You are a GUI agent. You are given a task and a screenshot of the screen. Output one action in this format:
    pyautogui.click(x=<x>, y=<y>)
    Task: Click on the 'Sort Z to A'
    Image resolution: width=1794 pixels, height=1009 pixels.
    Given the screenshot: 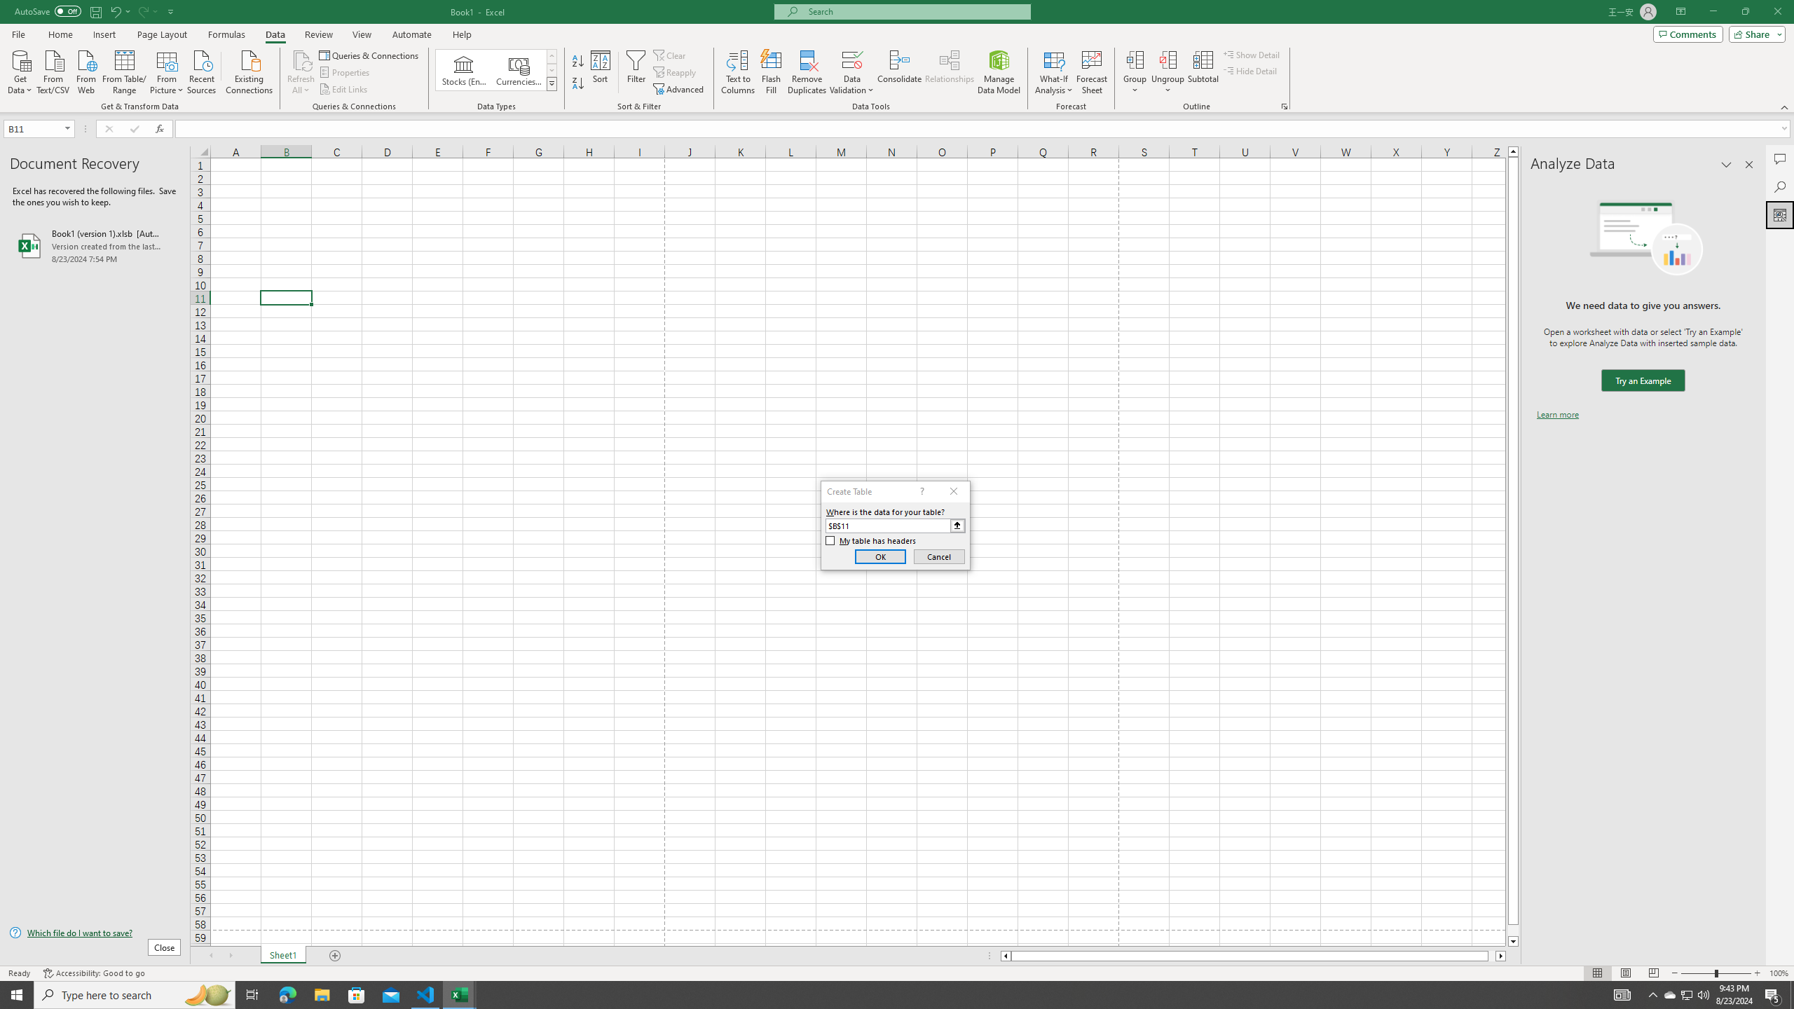 What is the action you would take?
    pyautogui.click(x=577, y=83)
    